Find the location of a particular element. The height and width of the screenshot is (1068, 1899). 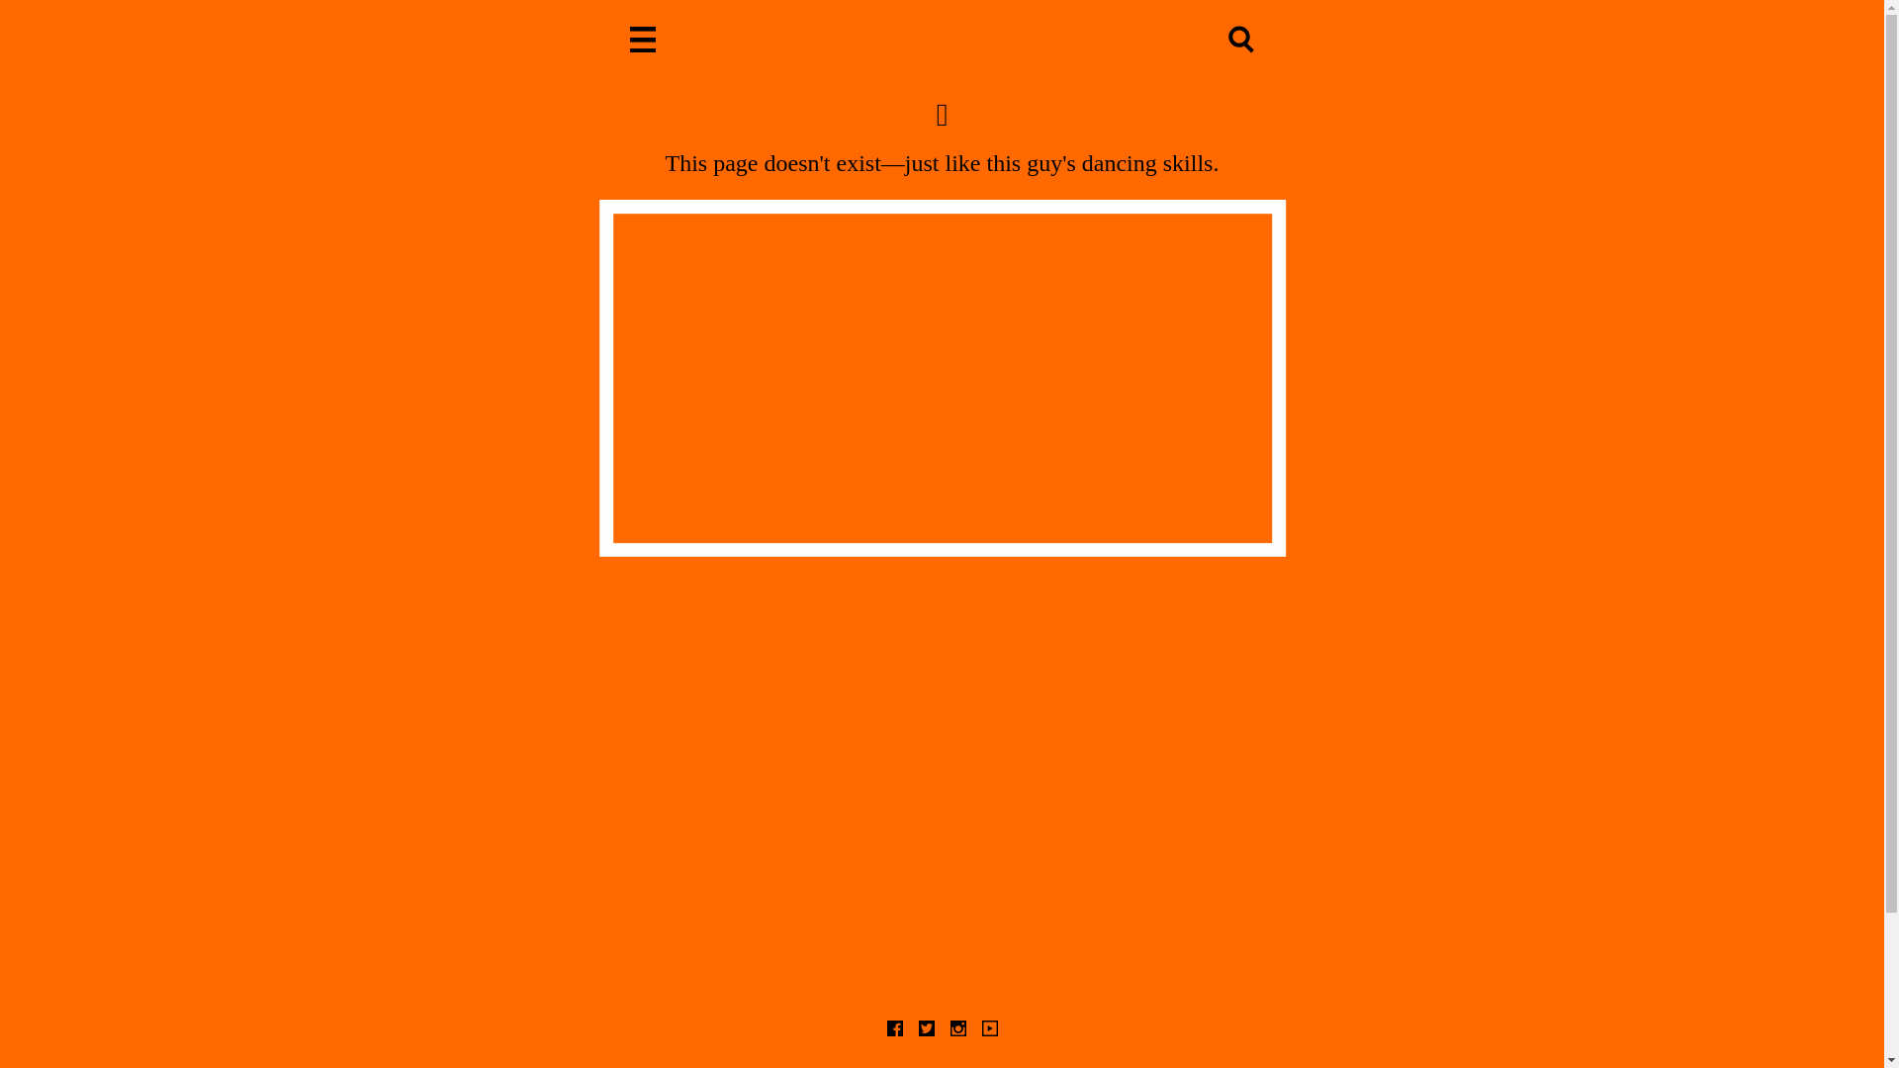

'social-logos-FB1' is located at coordinates (892, 1028).